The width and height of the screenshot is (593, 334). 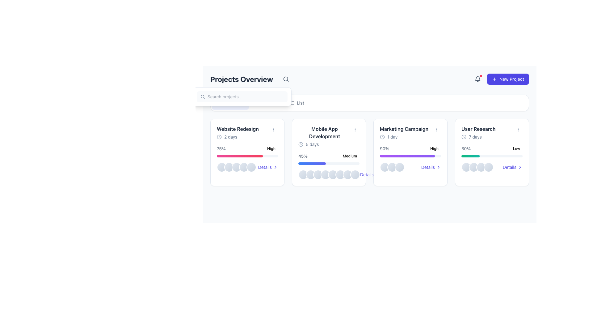 I want to click on the progress bar representing 90% completion in the 'Marketing Campaign' card, which is marked as 'High', so click(x=410, y=156).